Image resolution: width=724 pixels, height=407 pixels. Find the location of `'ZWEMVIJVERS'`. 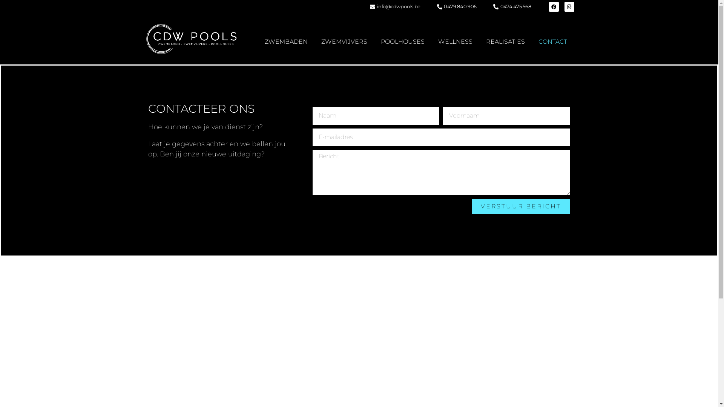

'ZWEMVIJVERS' is located at coordinates (344, 42).